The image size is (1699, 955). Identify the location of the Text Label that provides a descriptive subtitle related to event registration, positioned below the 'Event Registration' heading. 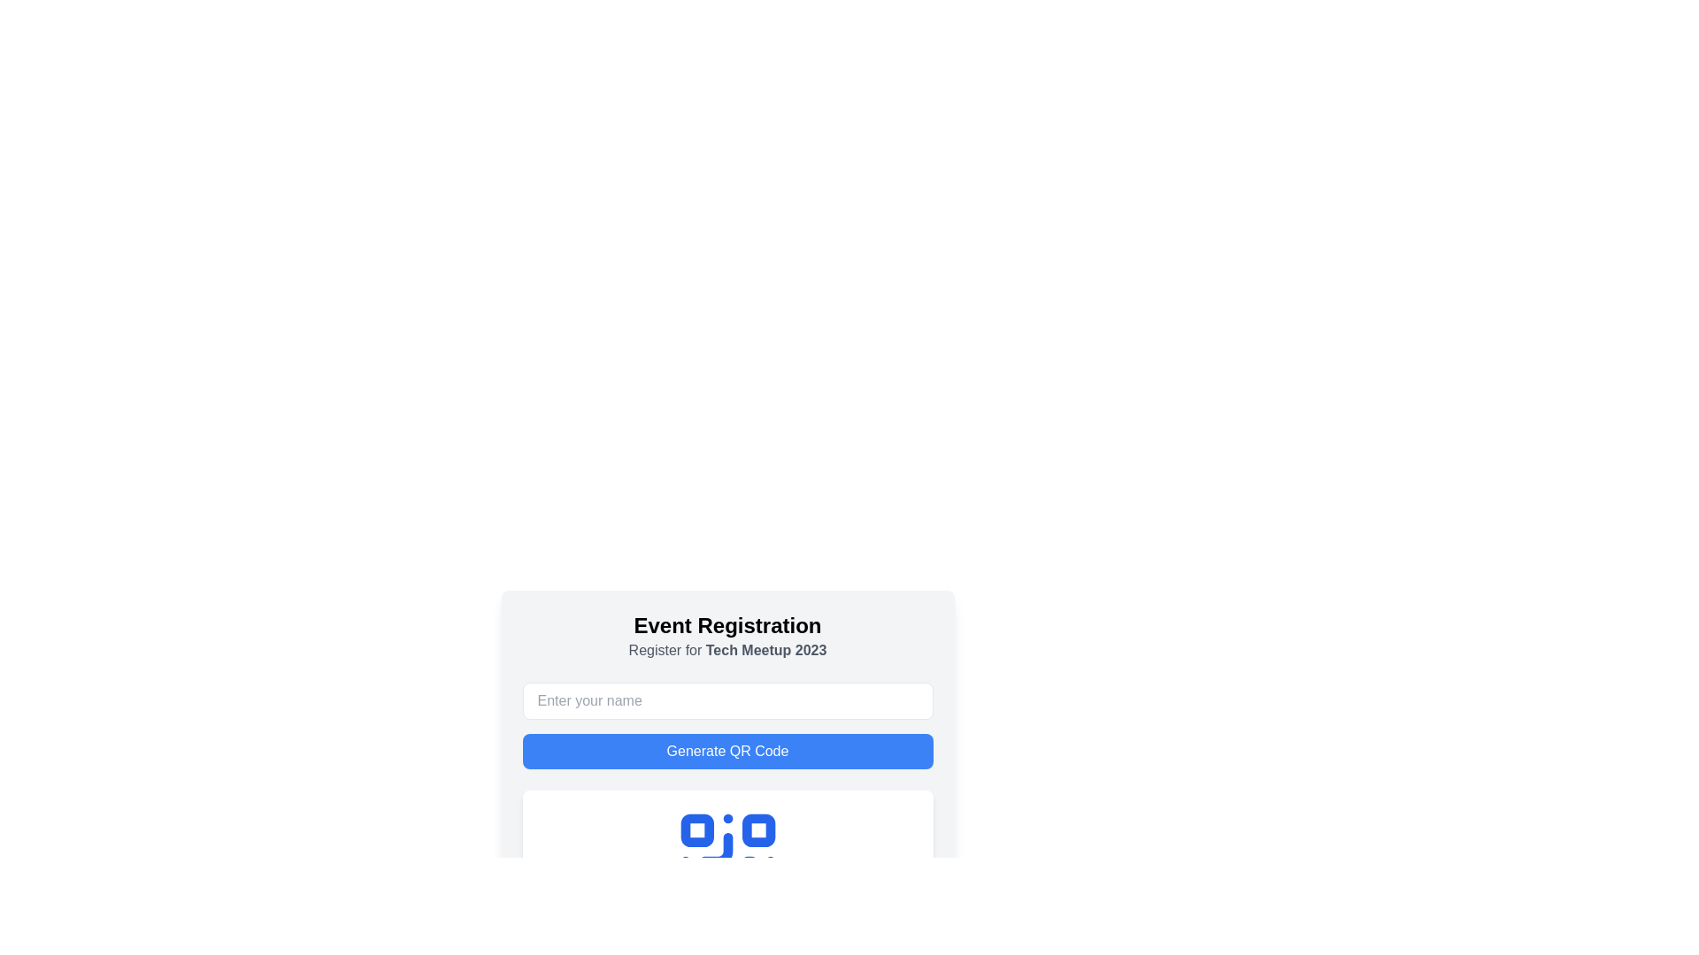
(727, 651).